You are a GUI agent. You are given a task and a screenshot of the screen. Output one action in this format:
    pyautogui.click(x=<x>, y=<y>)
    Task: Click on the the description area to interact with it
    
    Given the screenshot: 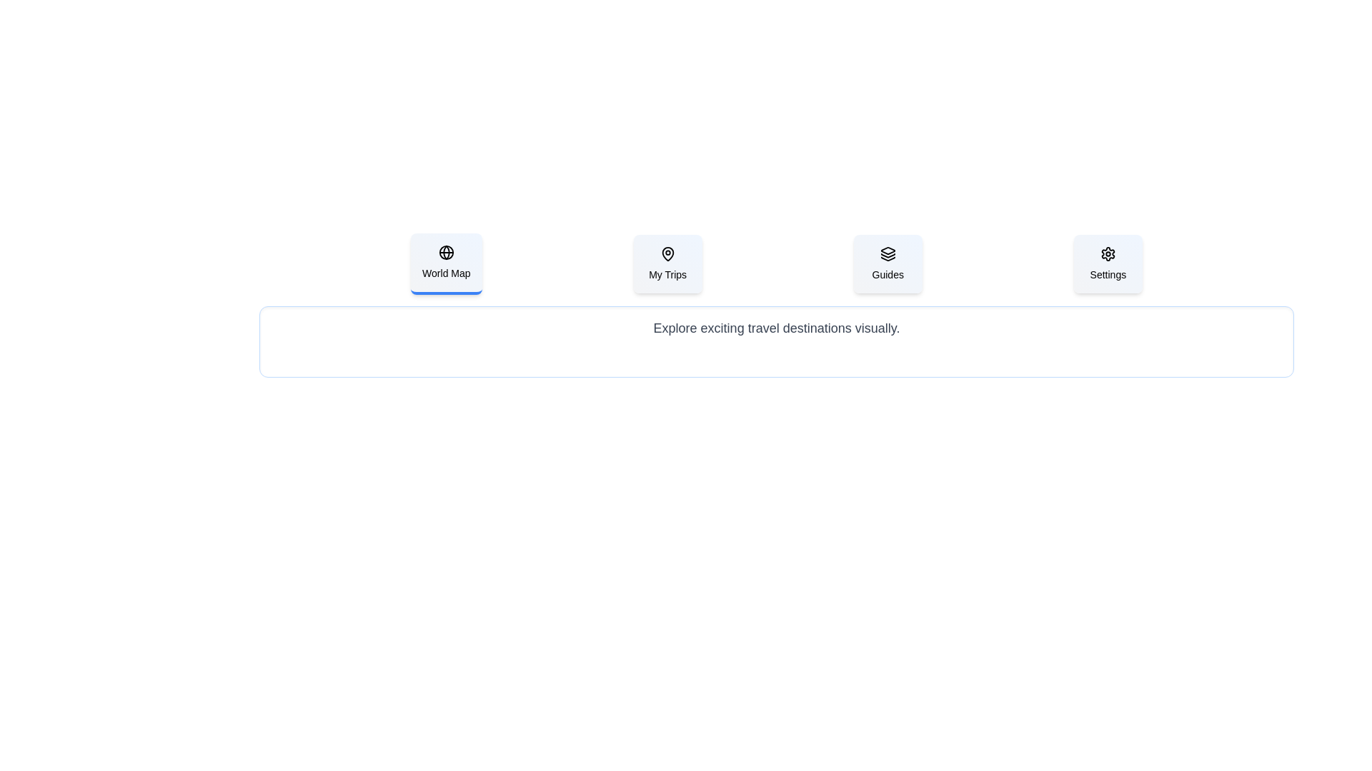 What is the action you would take?
    pyautogui.click(x=775, y=341)
    